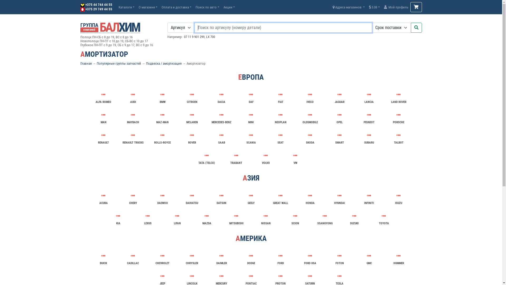  Describe the element at coordinates (192, 115) in the screenshot. I see `'MCLAREN'` at that location.